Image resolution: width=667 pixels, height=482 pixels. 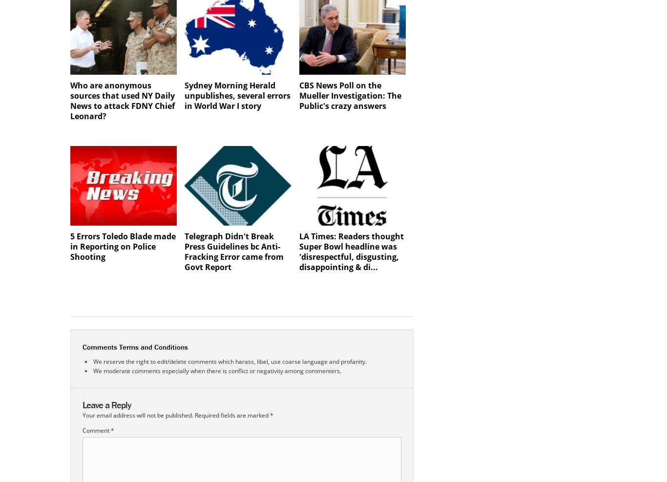 What do you see at coordinates (135, 346) in the screenshot?
I see `'Comments Terms and Conditions'` at bounding box center [135, 346].